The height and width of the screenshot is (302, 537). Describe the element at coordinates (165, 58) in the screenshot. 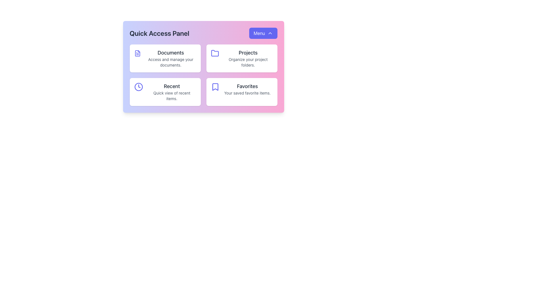

I see `the informational card button in the top-left corner of the Quick Access Panel` at that location.